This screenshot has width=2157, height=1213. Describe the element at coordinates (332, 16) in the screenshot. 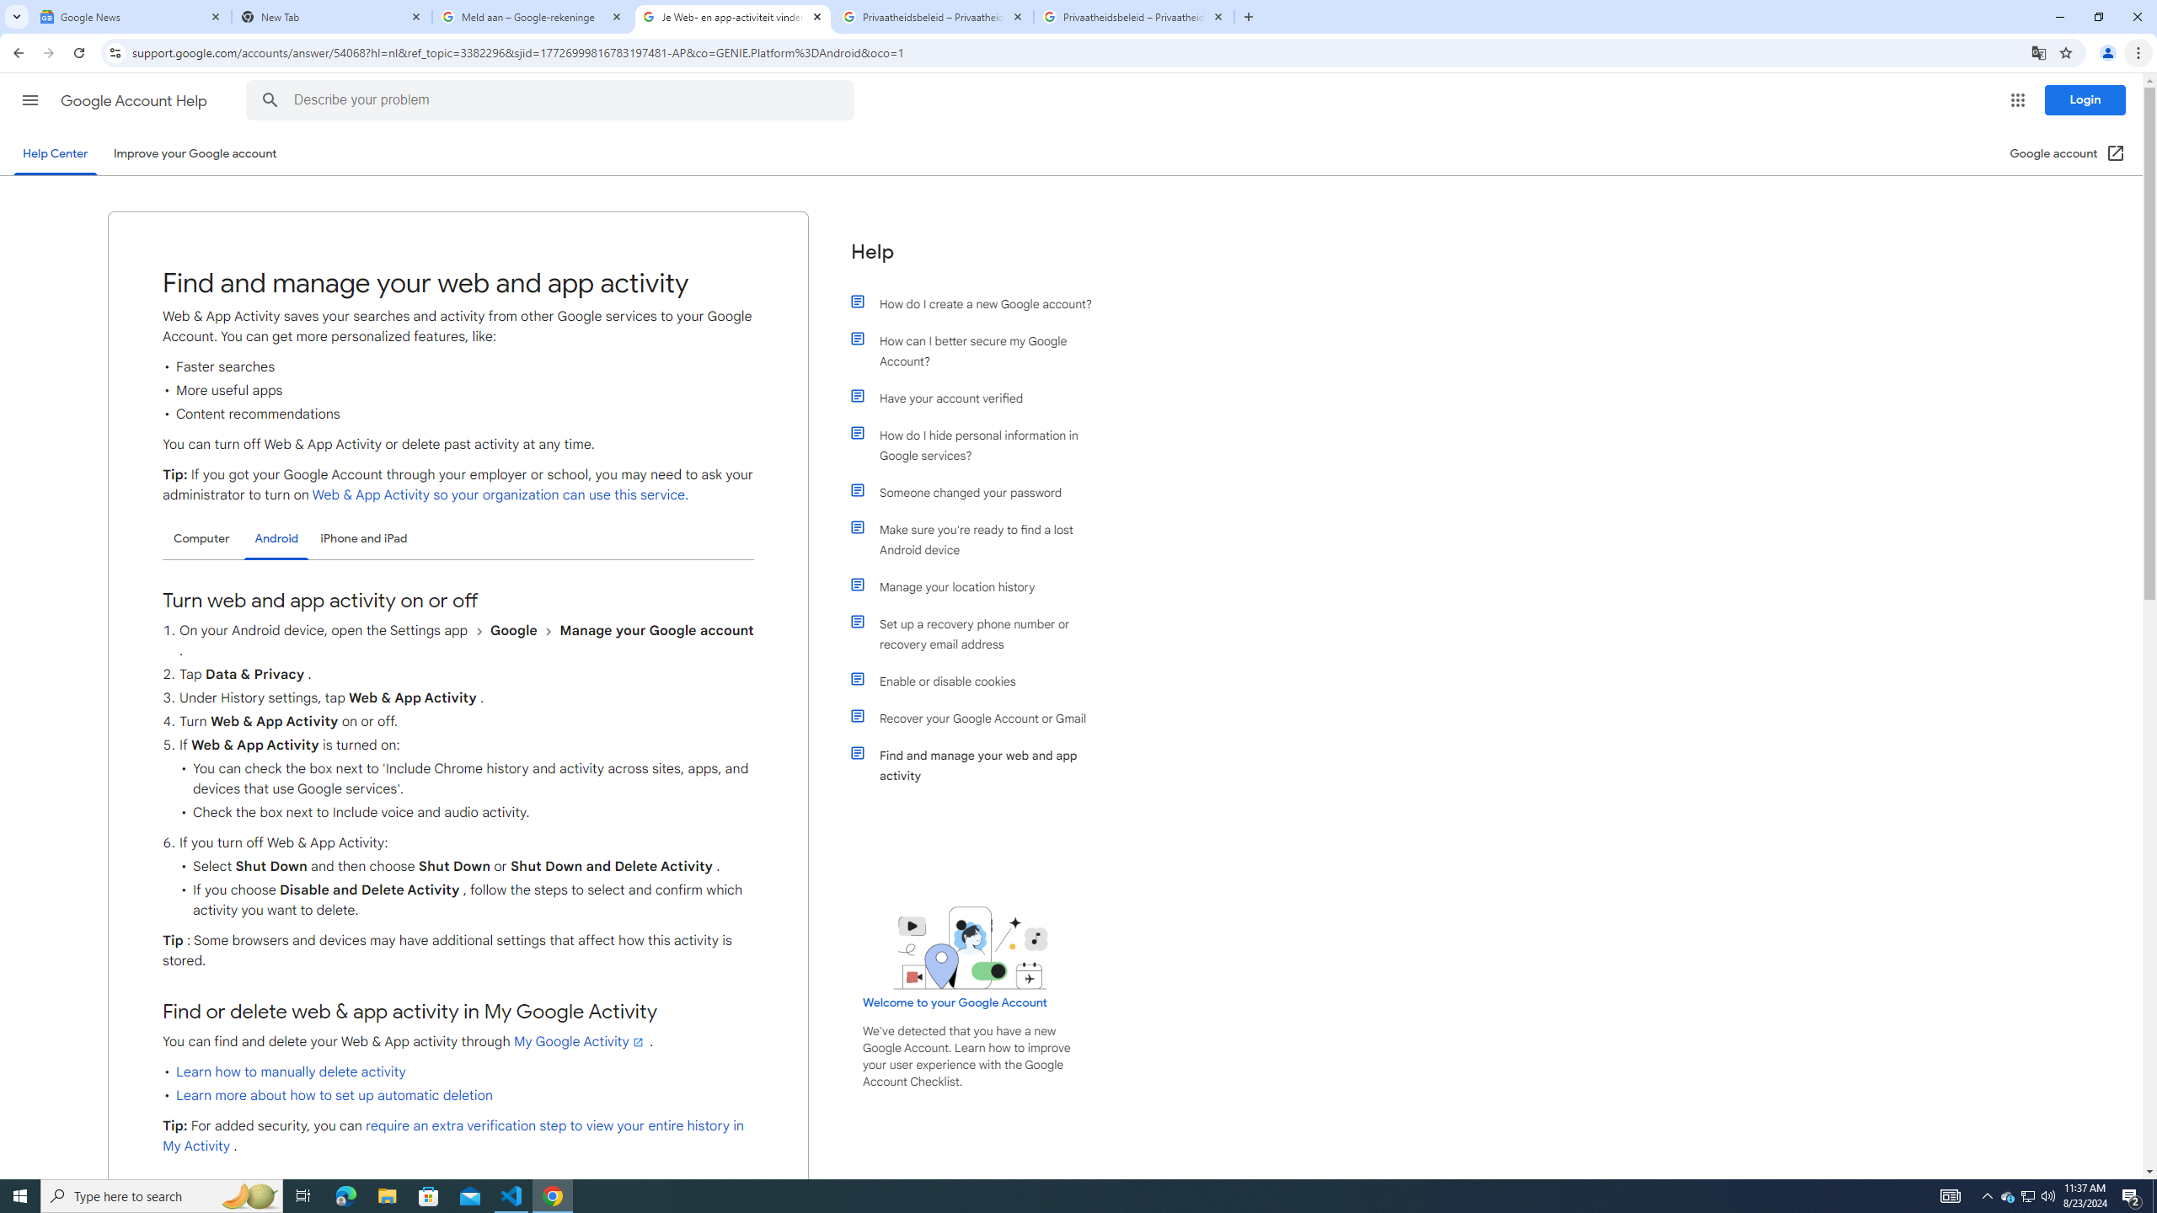

I see `'New Tab'` at that location.